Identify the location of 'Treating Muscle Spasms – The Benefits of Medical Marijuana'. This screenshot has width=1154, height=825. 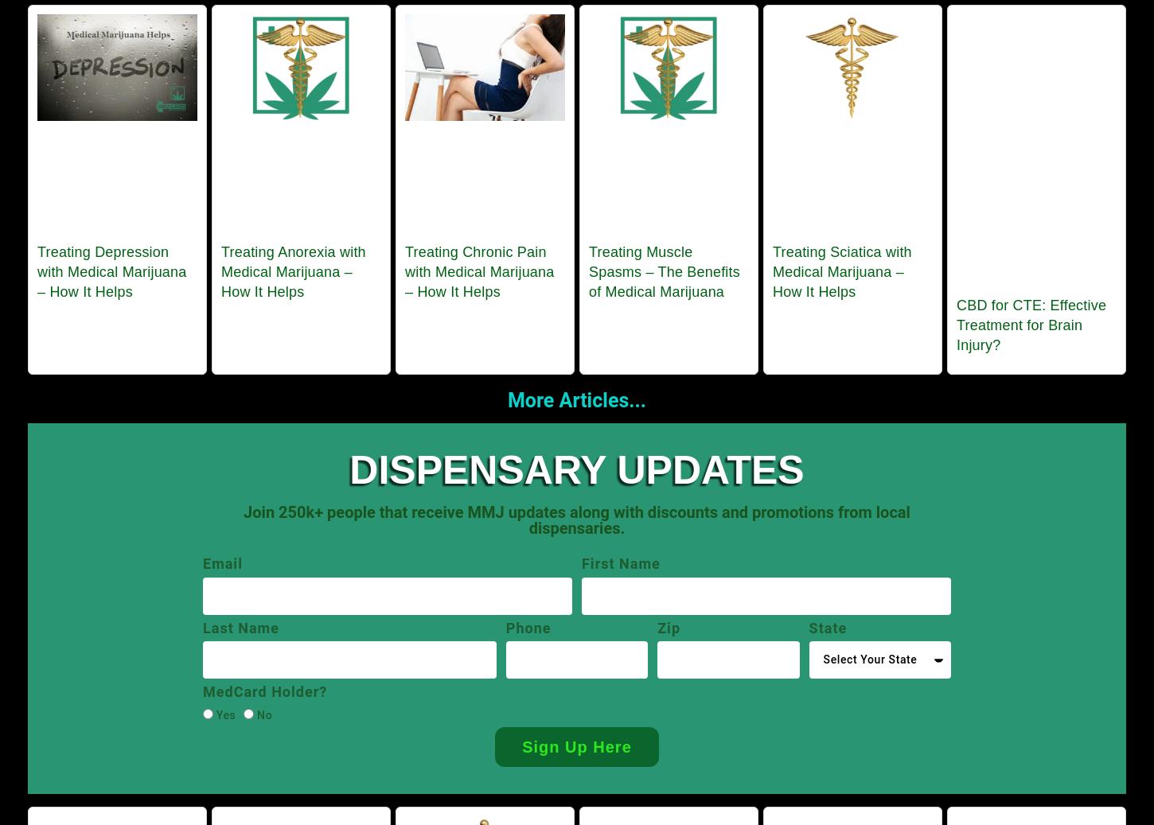
(664, 270).